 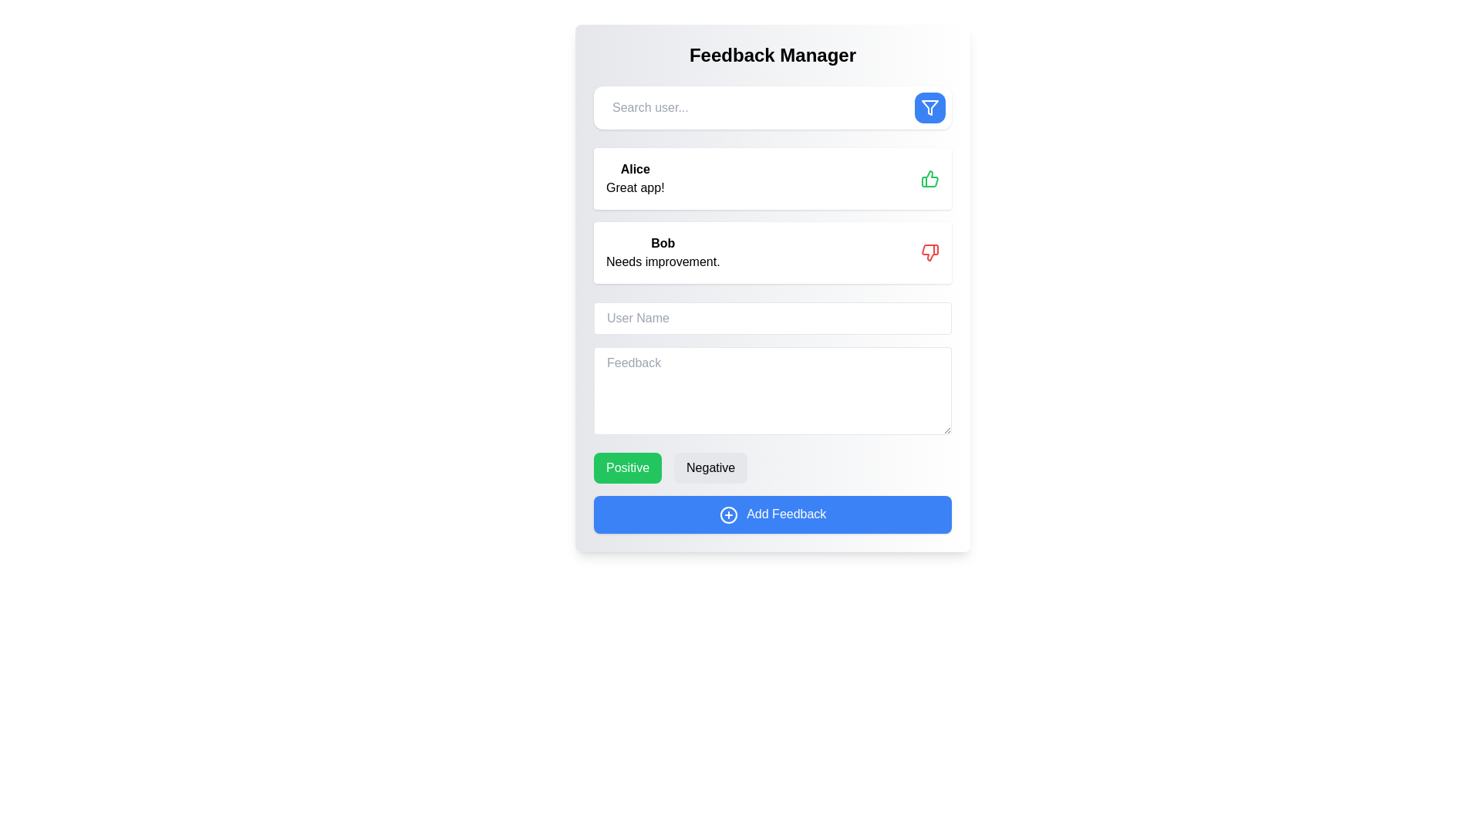 I want to click on the text label indicating the name 'Bob' that is located above the text 'Needs improvement.' in the feedback card, so click(x=663, y=243).